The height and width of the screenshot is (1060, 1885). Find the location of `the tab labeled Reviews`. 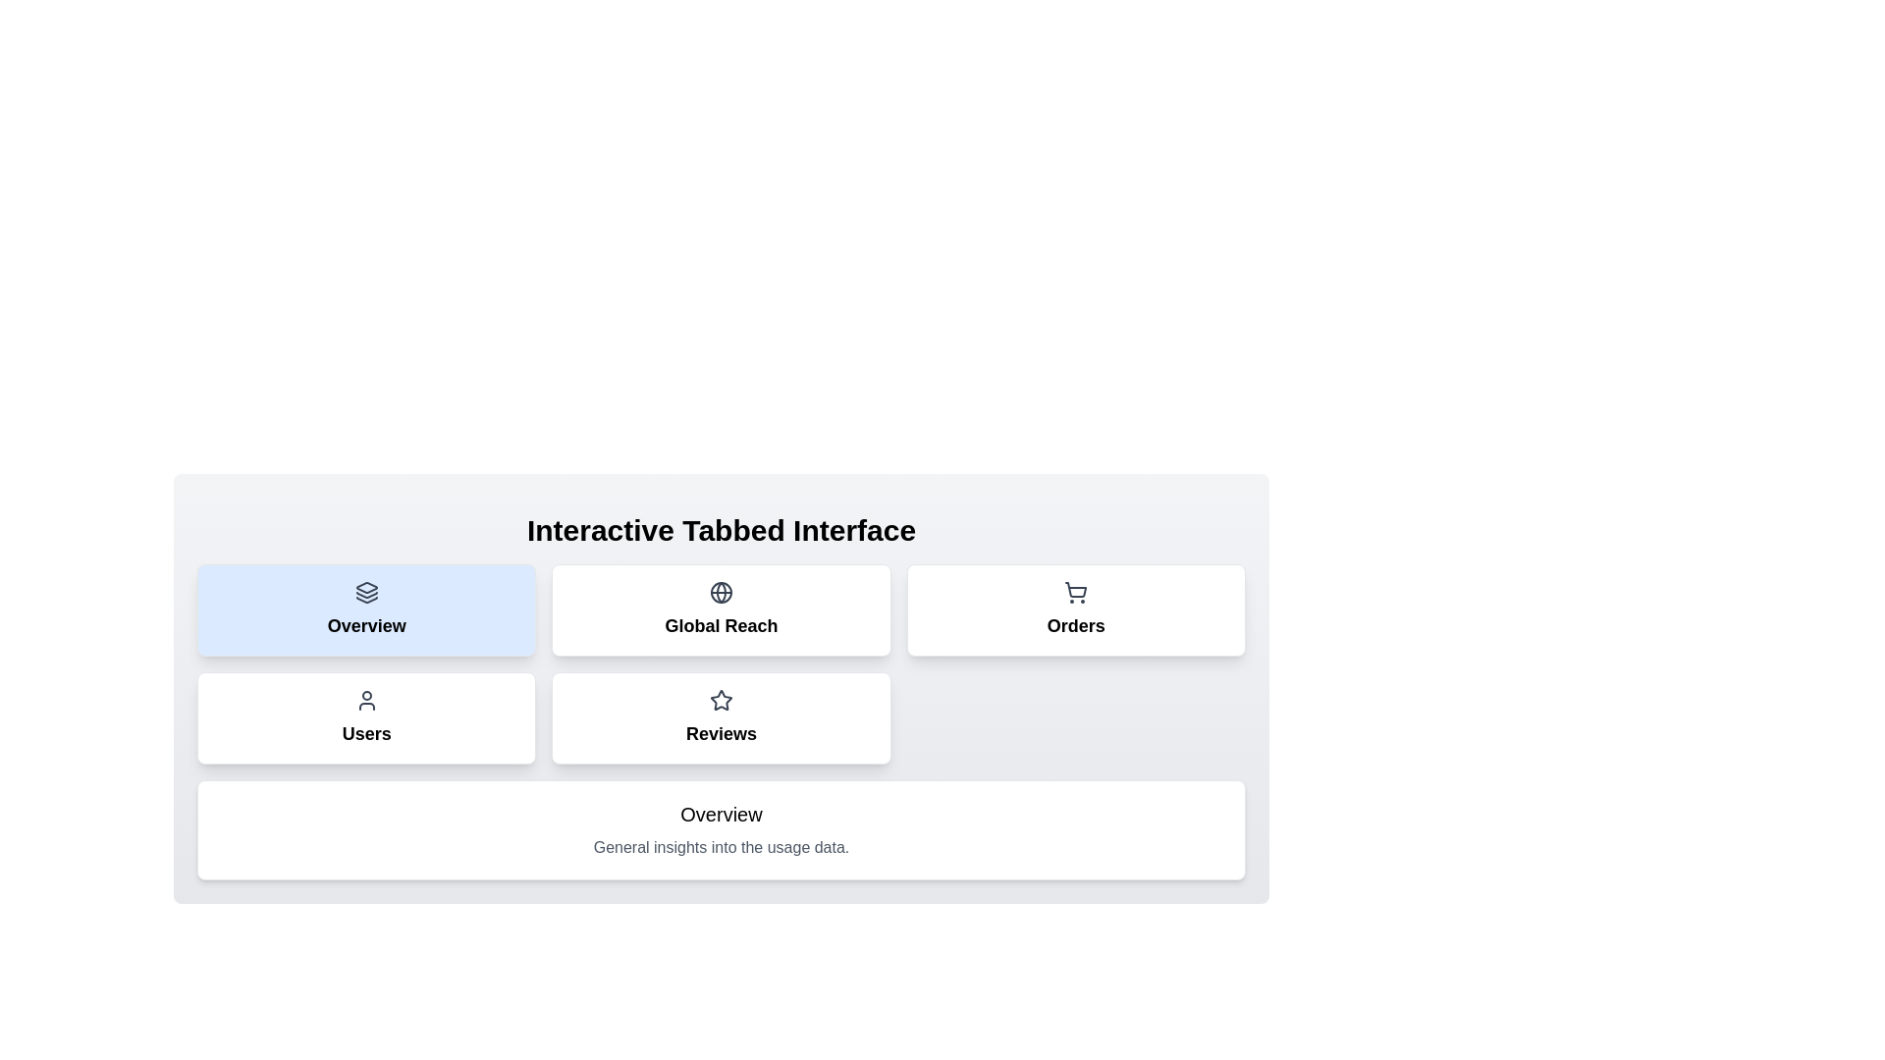

the tab labeled Reviews is located at coordinates (720, 718).